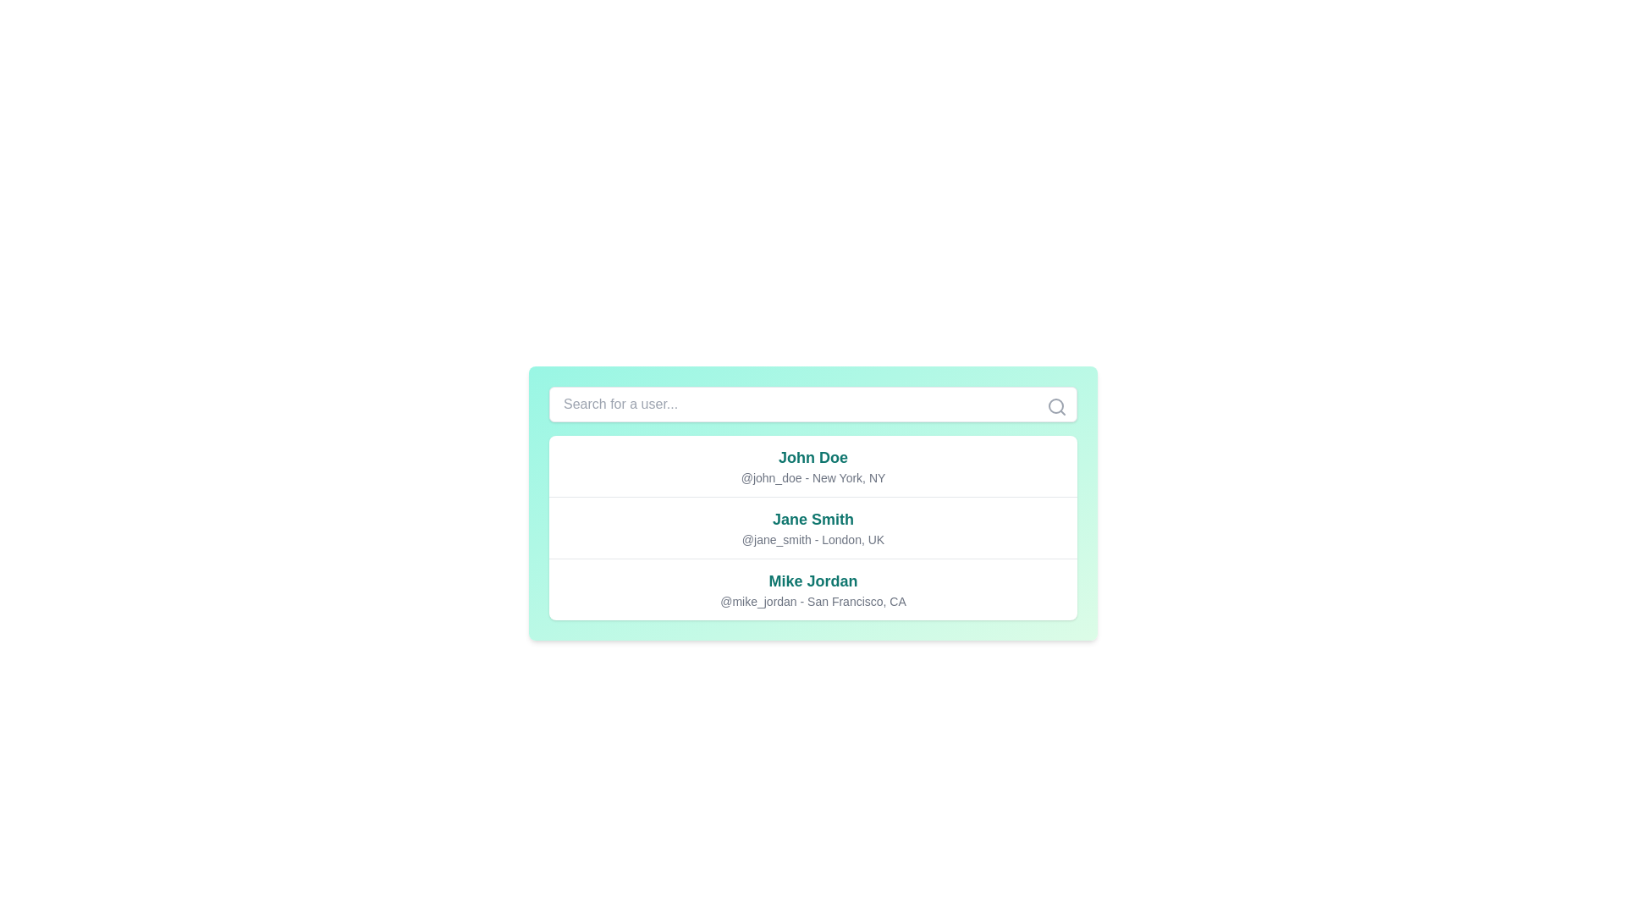 The image size is (1625, 914). Describe the element at coordinates (1055, 405) in the screenshot. I see `the larger circle element within the SVG search icon located at the top-right corner of the search input field` at that location.